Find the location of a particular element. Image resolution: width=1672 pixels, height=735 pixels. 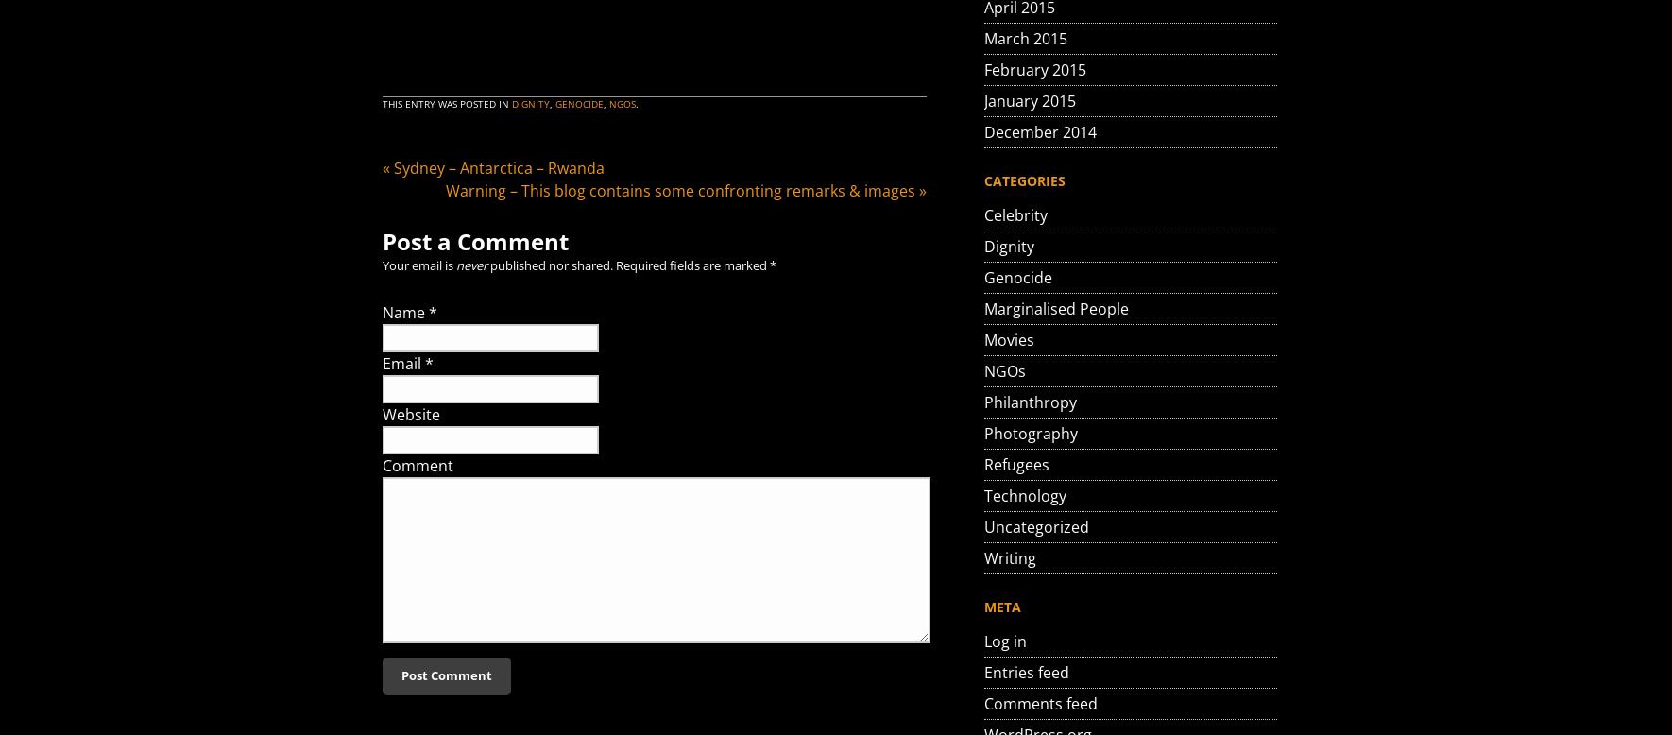

'Celebrity' is located at coordinates (1015, 214).